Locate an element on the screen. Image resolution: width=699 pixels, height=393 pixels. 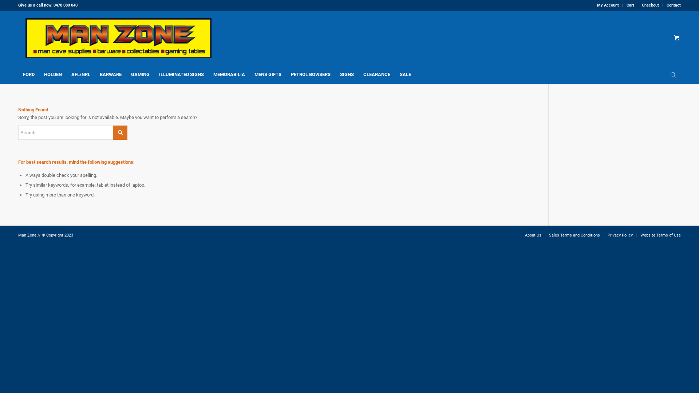
'Sales Terms and Conditions' is located at coordinates (574, 235).